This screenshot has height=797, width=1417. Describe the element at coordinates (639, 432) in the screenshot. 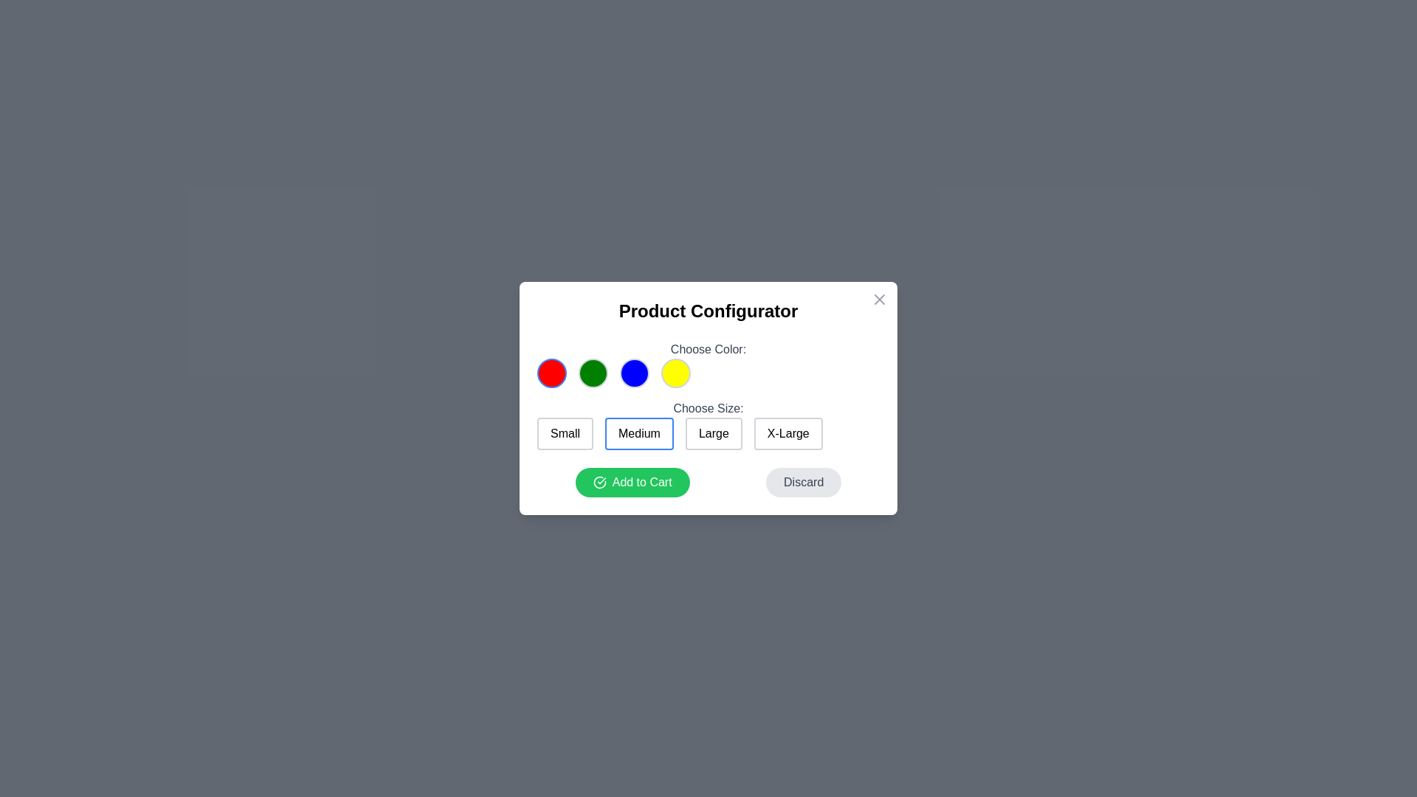

I see `the 'Medium' size button` at that location.